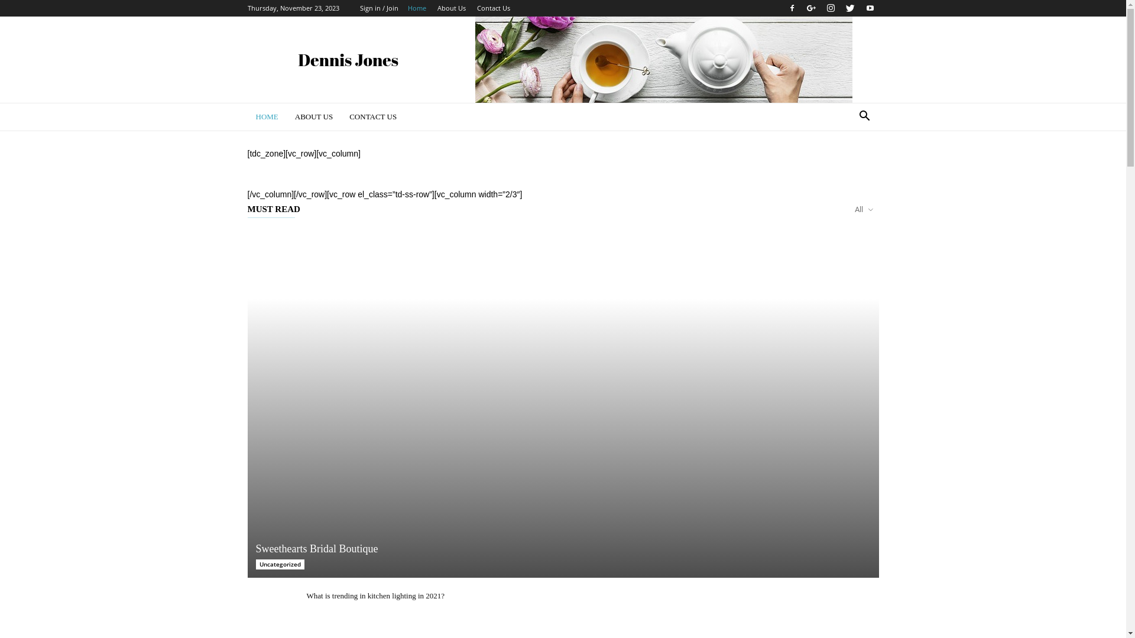 Image resolution: width=1135 pixels, height=638 pixels. Describe the element at coordinates (850, 8) in the screenshot. I see `'Twitter'` at that location.